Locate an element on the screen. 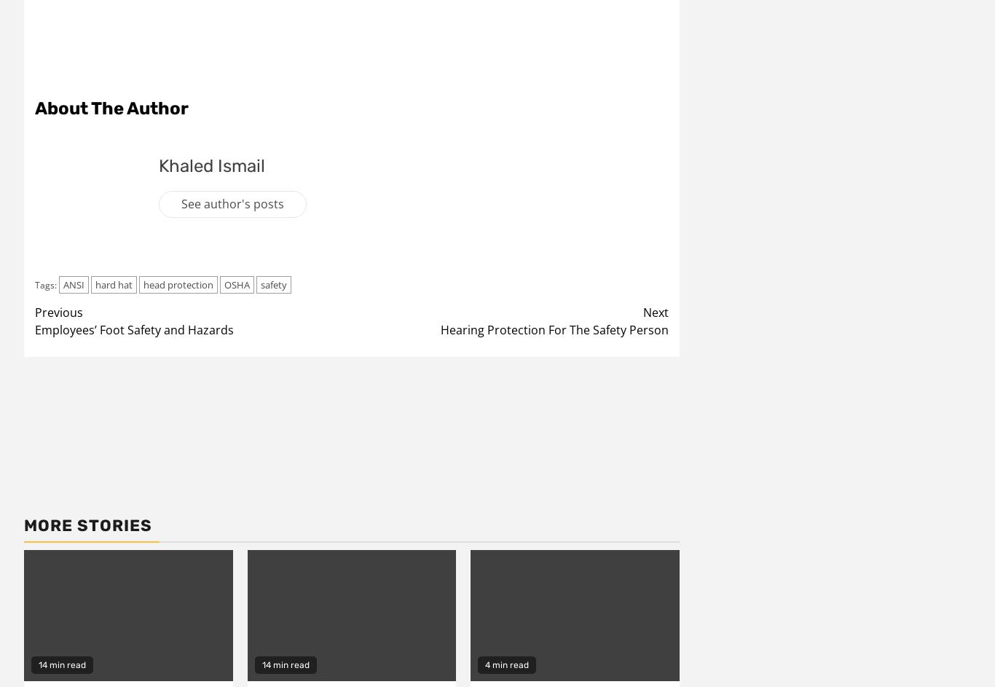  'OSHA' is located at coordinates (237, 283).